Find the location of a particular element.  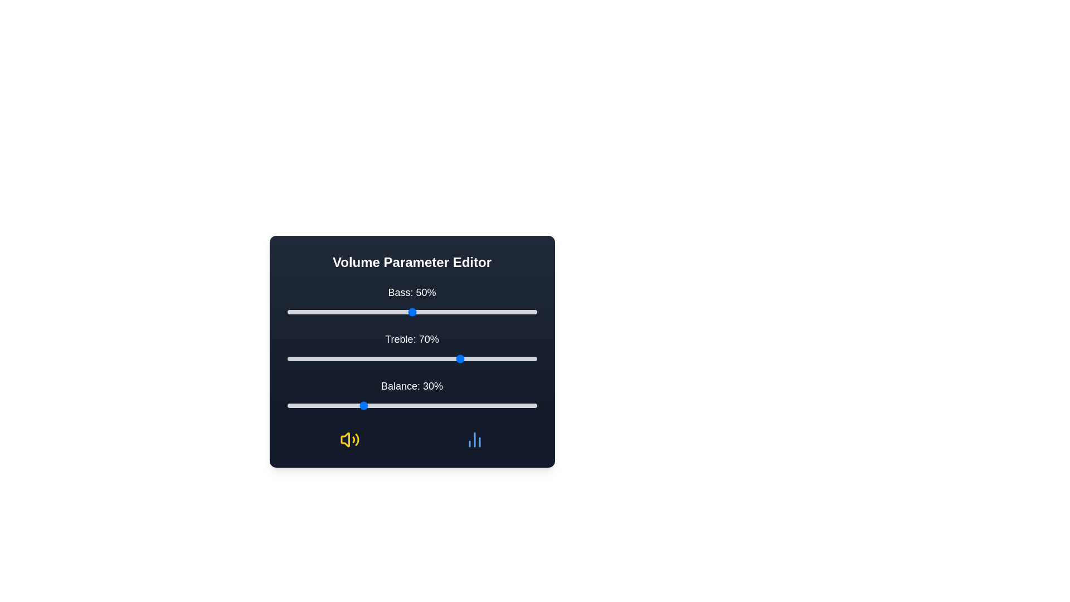

the decorative icon chart is located at coordinates (474, 439).